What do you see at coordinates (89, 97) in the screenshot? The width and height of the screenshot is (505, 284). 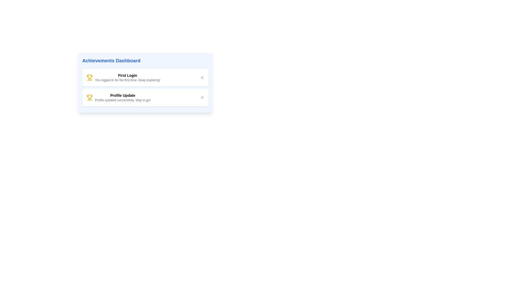 I see `the trophy icon outlined in yellow, located next to the 'First Login' text in the first card of the 'Achievements Dashboard' list` at bounding box center [89, 97].